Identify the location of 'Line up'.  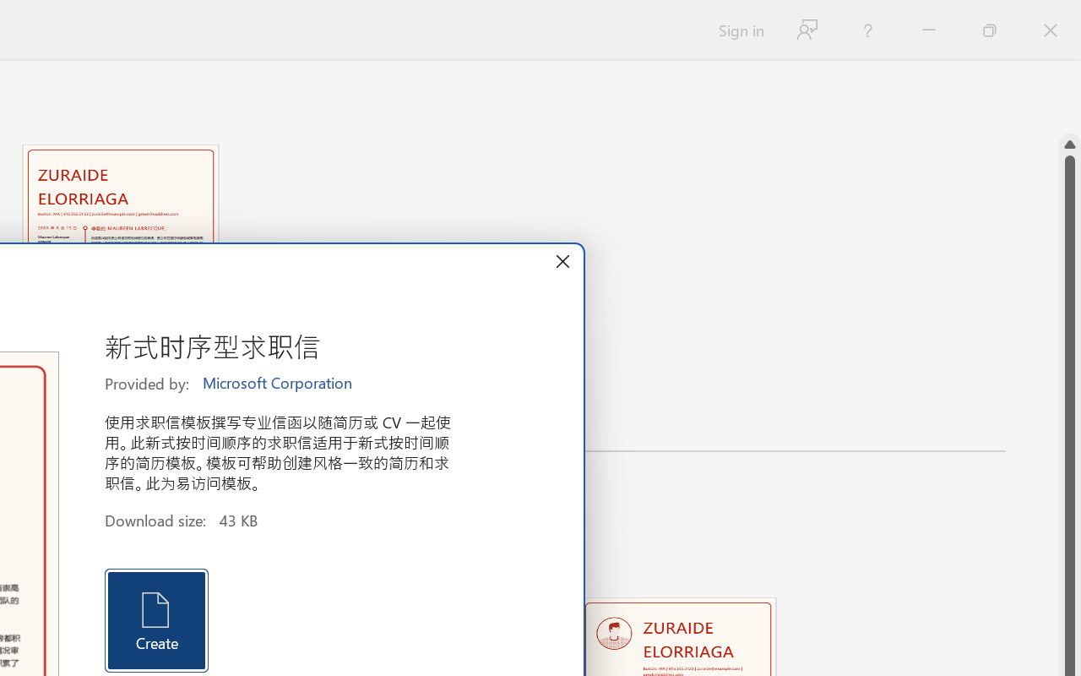
(1069, 144).